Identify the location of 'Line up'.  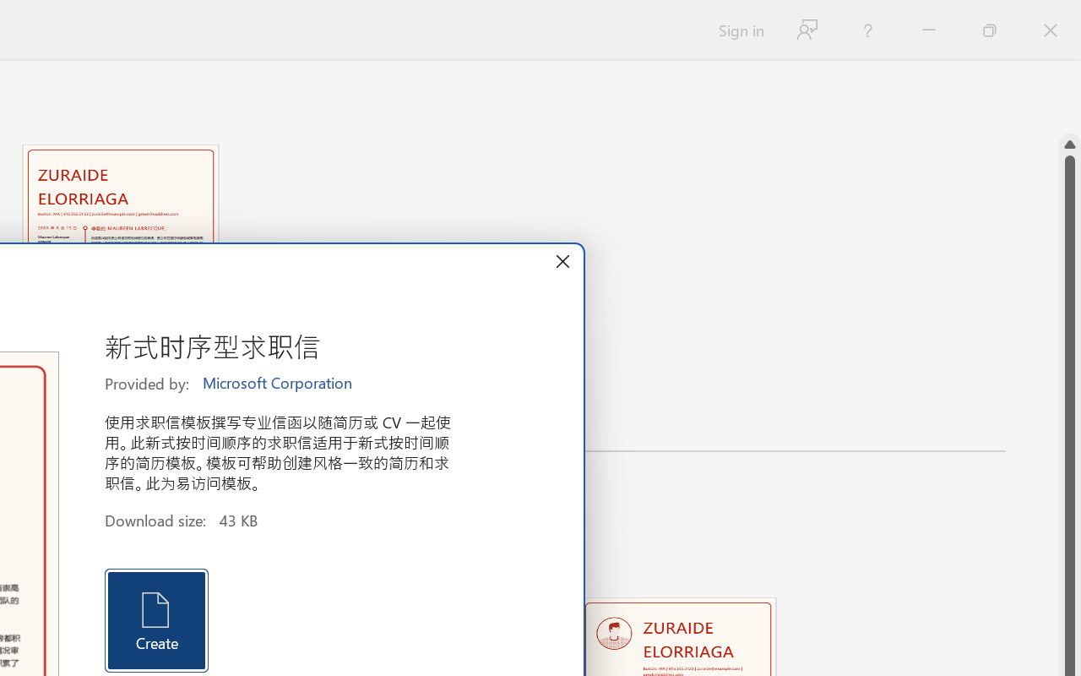
(1069, 144).